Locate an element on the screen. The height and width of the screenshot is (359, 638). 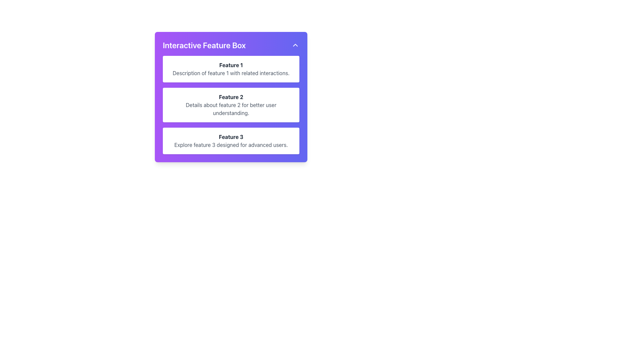
the upward-pointing triangle button located at the top right corner of the 'Interactive Feature Box' is located at coordinates (295, 45).